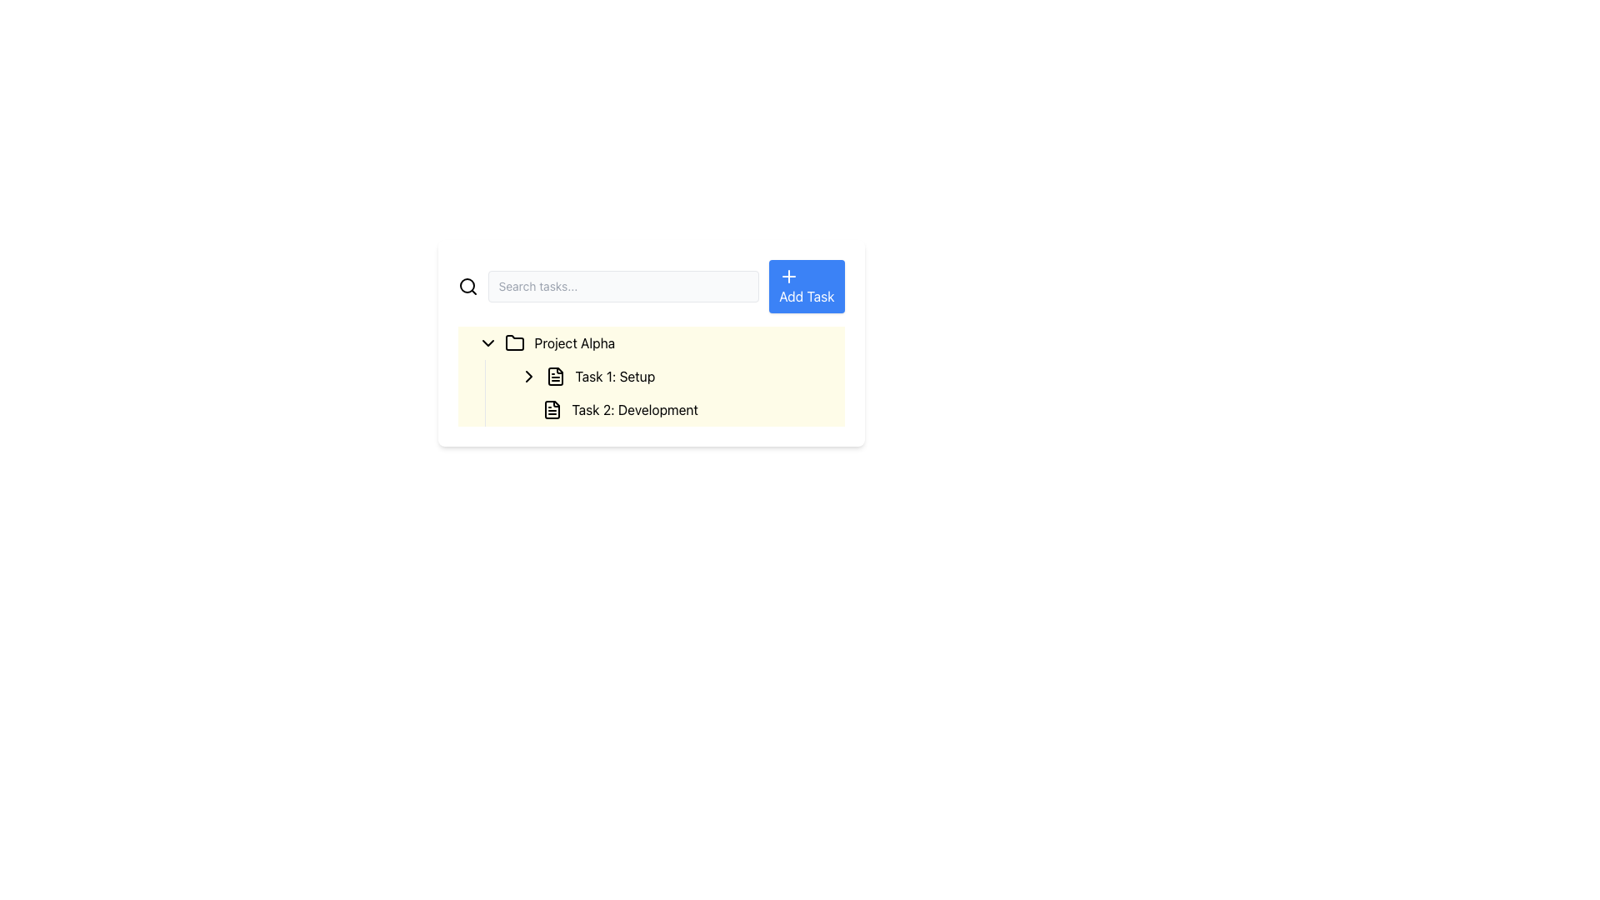  I want to click on text list component displaying 'Task 1: Setup' and 'Task 2: Development', which is located below the header in the 'Project Alpha' section, so click(663, 392).